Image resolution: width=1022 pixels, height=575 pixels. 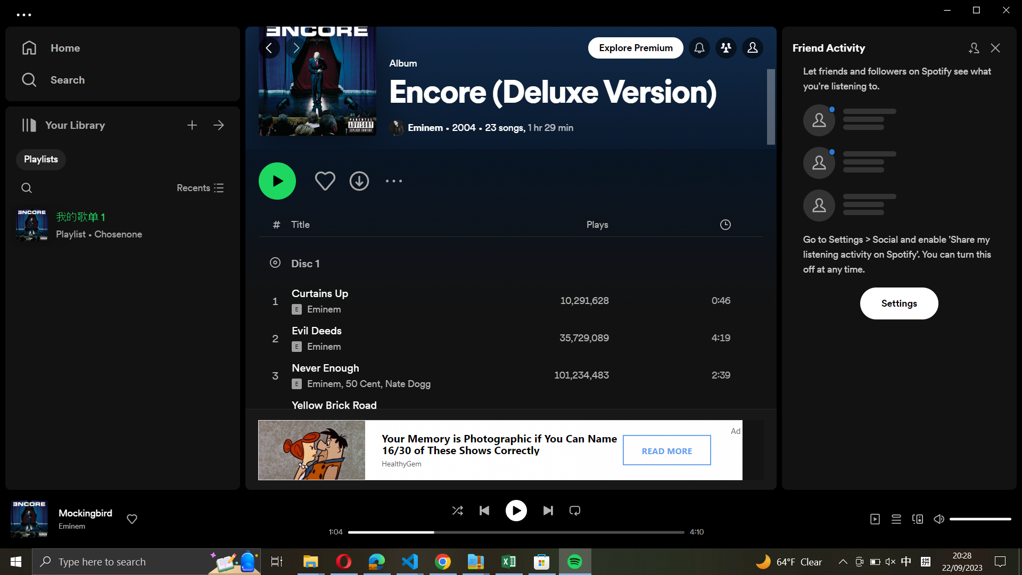 What do you see at coordinates (509, 339) in the screenshot?
I see `Play the song "Evil Deeds` at bounding box center [509, 339].